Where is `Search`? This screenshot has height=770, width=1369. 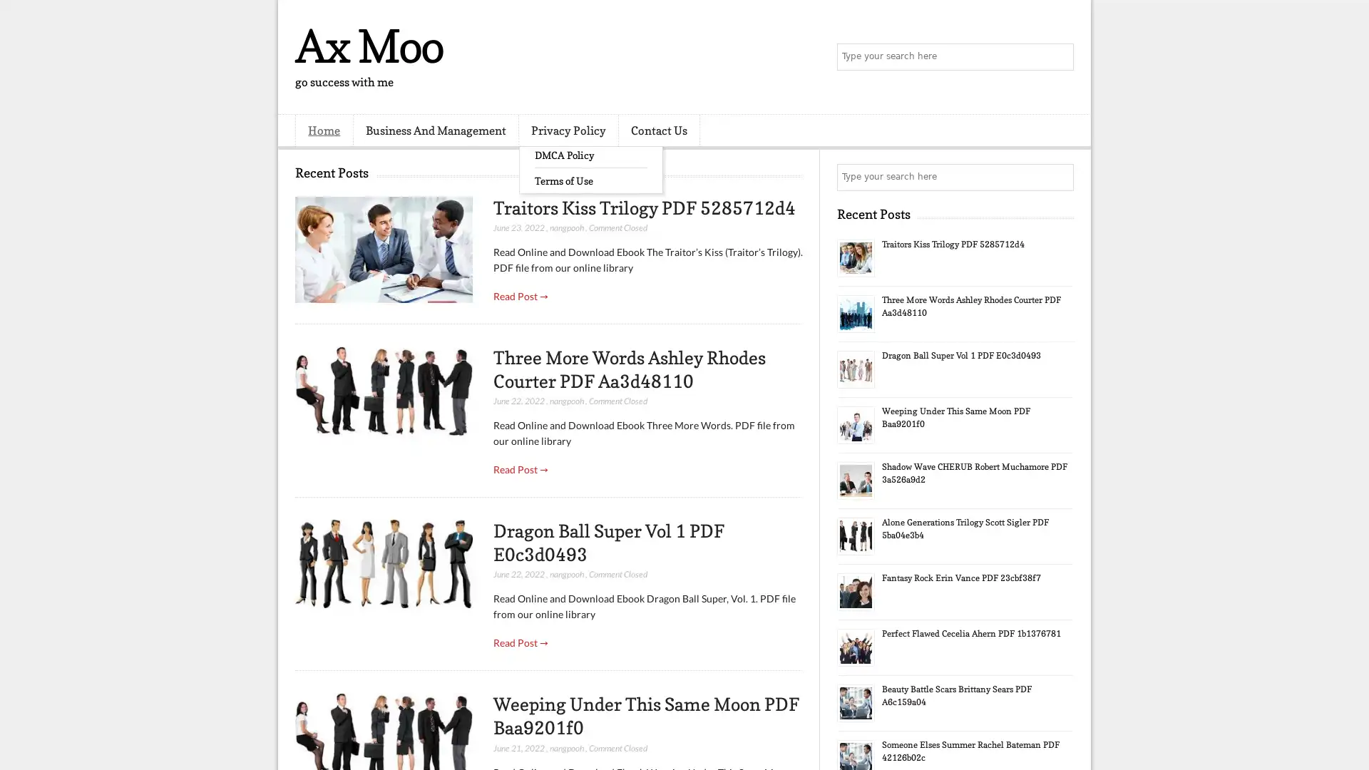
Search is located at coordinates (1059, 177).